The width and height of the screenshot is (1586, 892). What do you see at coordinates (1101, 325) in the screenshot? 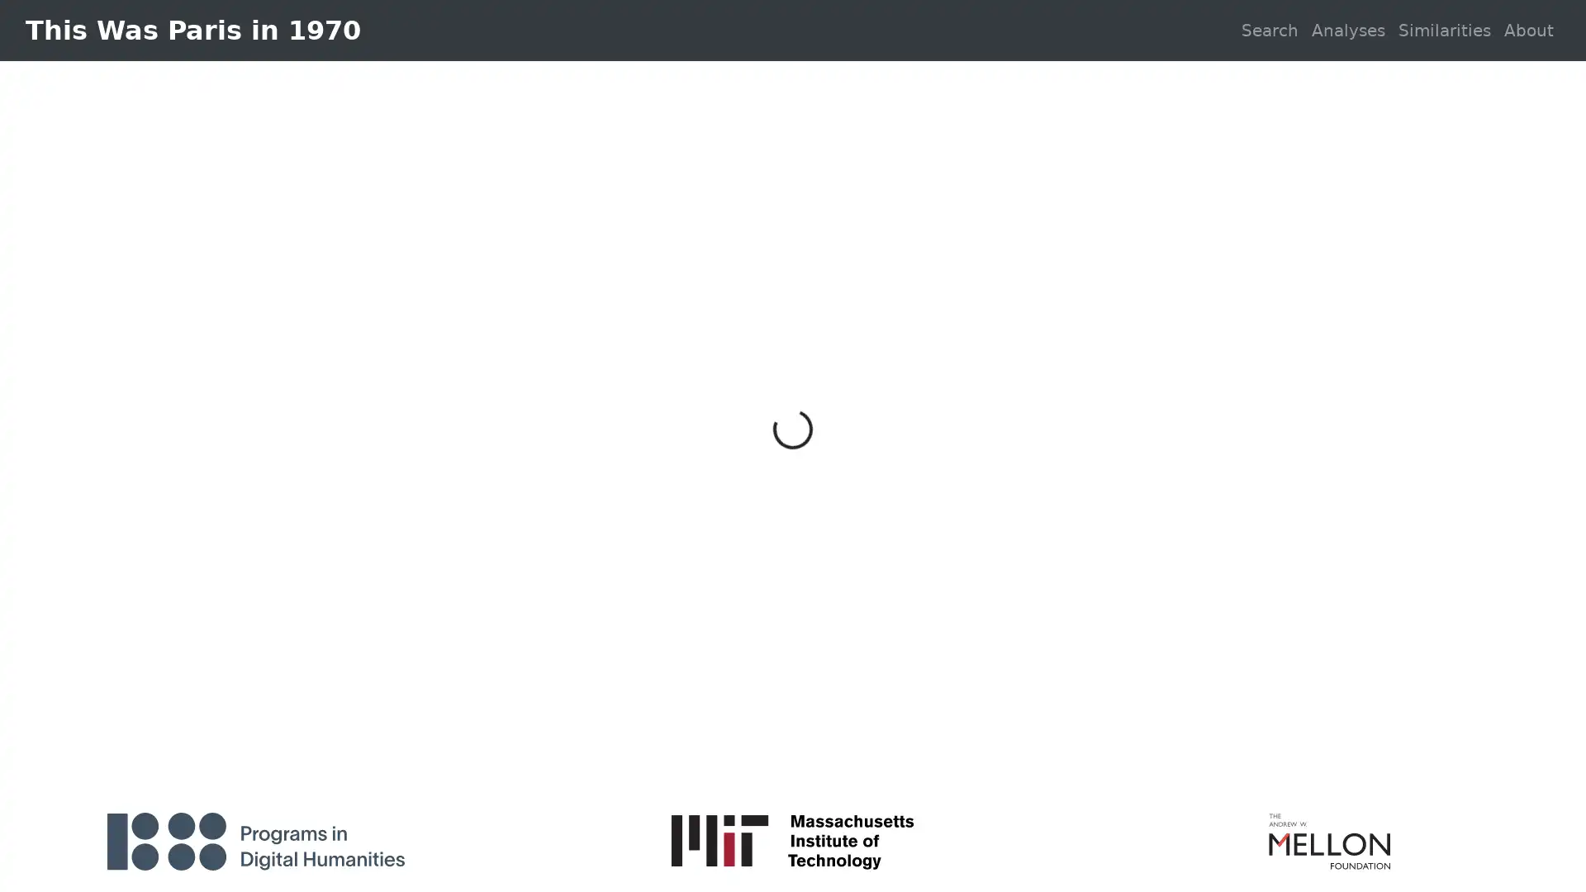
I see `Close` at bounding box center [1101, 325].